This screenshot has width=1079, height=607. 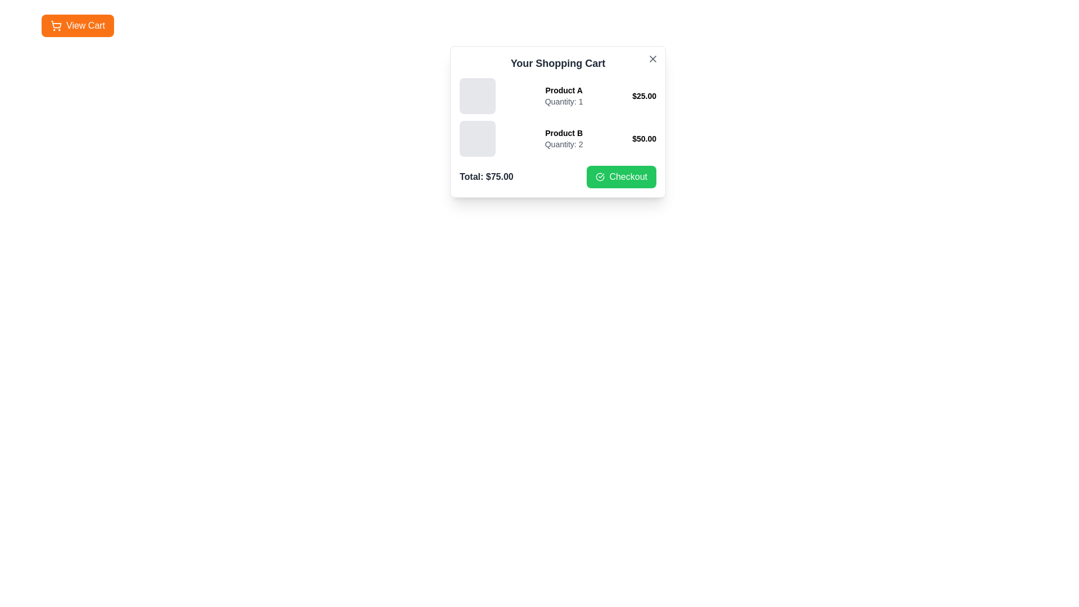 What do you see at coordinates (558, 138) in the screenshot?
I see `product details of 'Product B' displayed in the shopping cart, which is the second item in the list` at bounding box center [558, 138].